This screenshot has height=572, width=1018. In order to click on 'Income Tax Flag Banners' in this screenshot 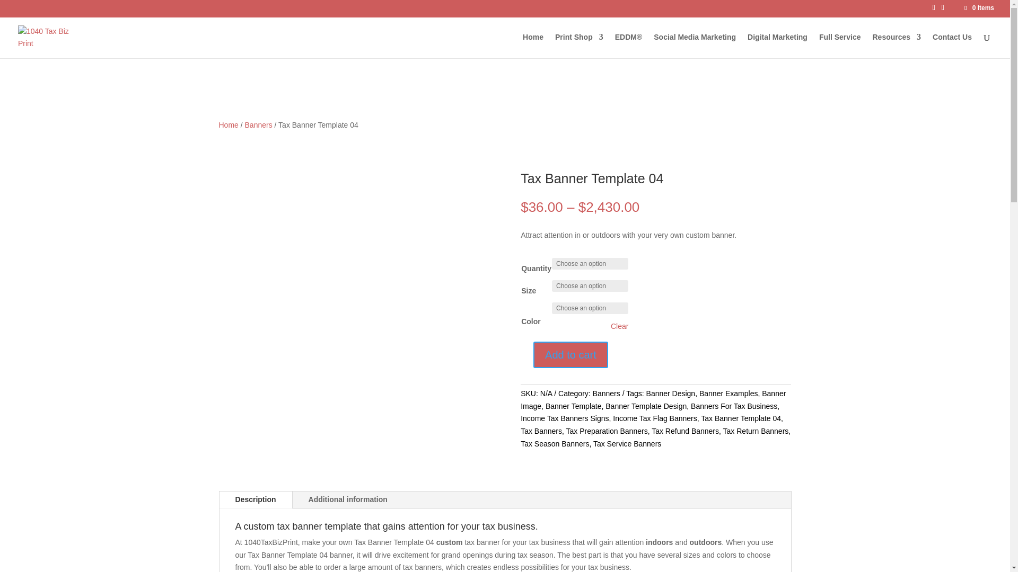, I will do `click(654, 418)`.